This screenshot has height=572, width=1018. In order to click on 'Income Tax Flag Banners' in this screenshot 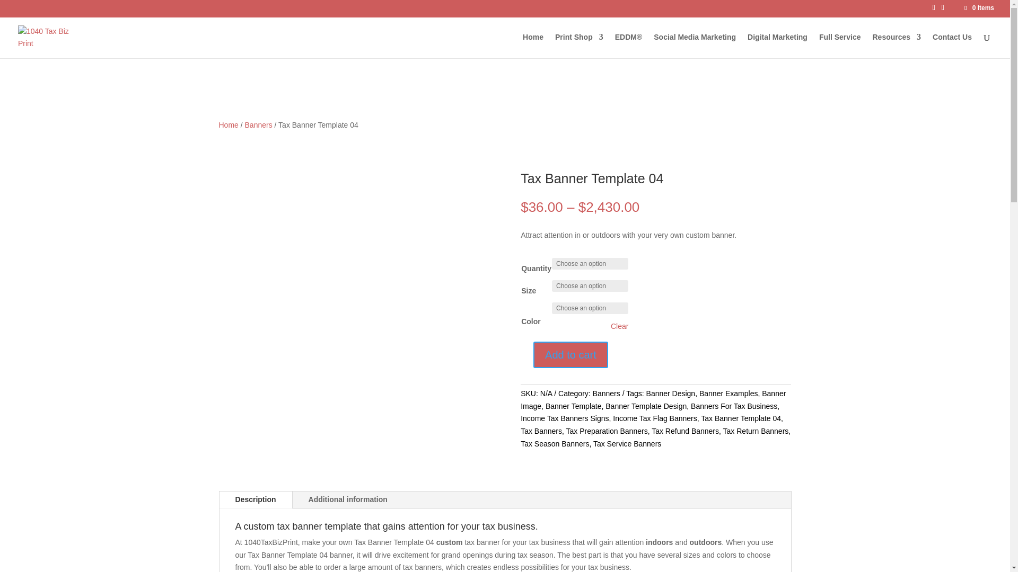, I will do `click(654, 418)`.